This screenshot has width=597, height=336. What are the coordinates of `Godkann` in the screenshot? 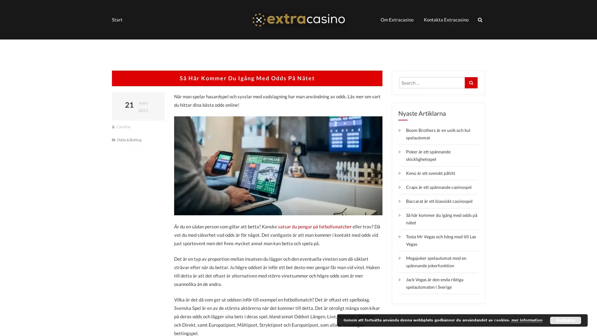 It's located at (566, 320).